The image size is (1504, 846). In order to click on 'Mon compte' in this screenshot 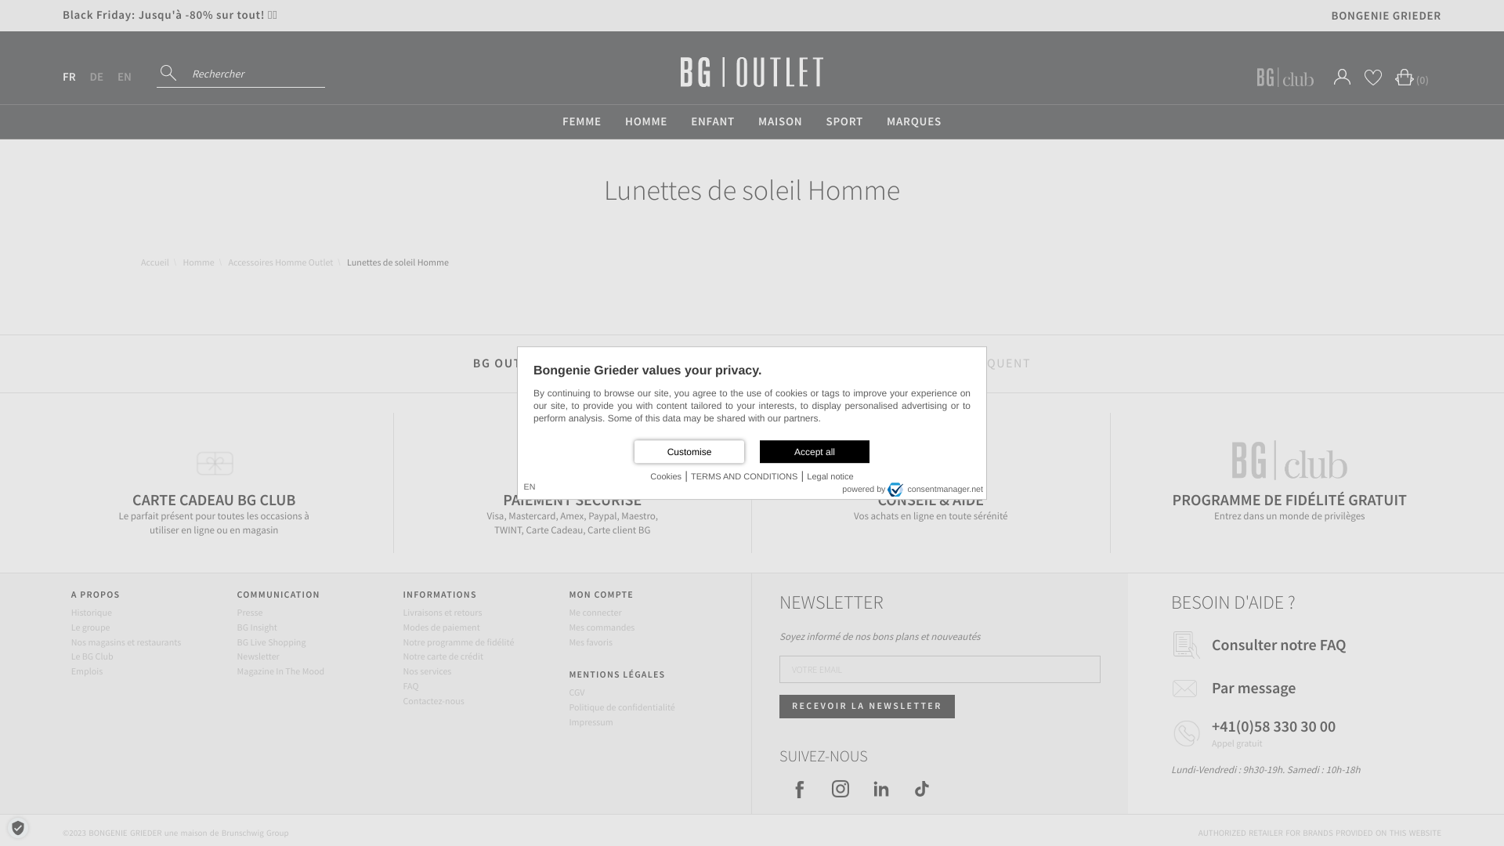, I will do `click(1341, 77)`.